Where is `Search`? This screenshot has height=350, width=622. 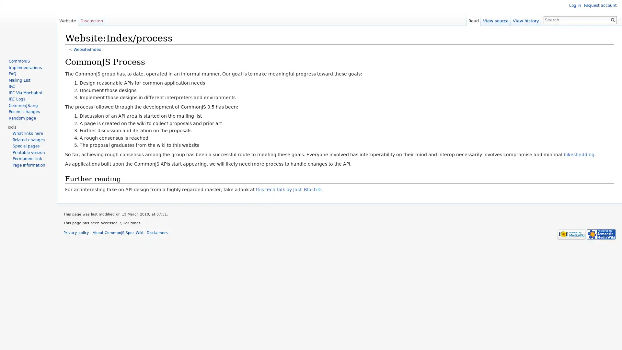
Search is located at coordinates (612, 19).